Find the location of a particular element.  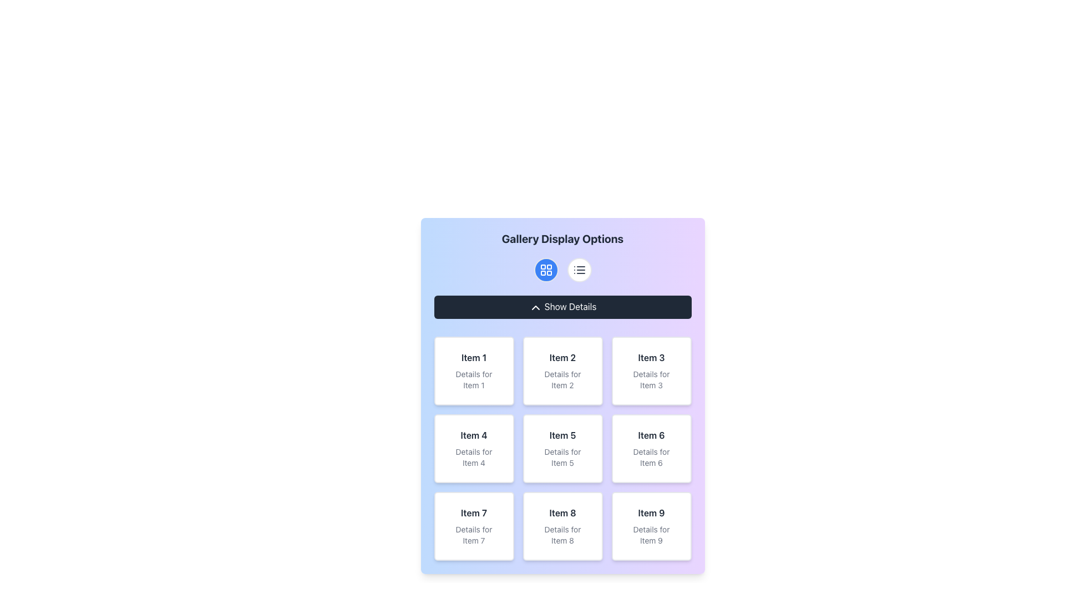

the SVG icon located to the right of the 'Show Details' button is located at coordinates (535, 307).